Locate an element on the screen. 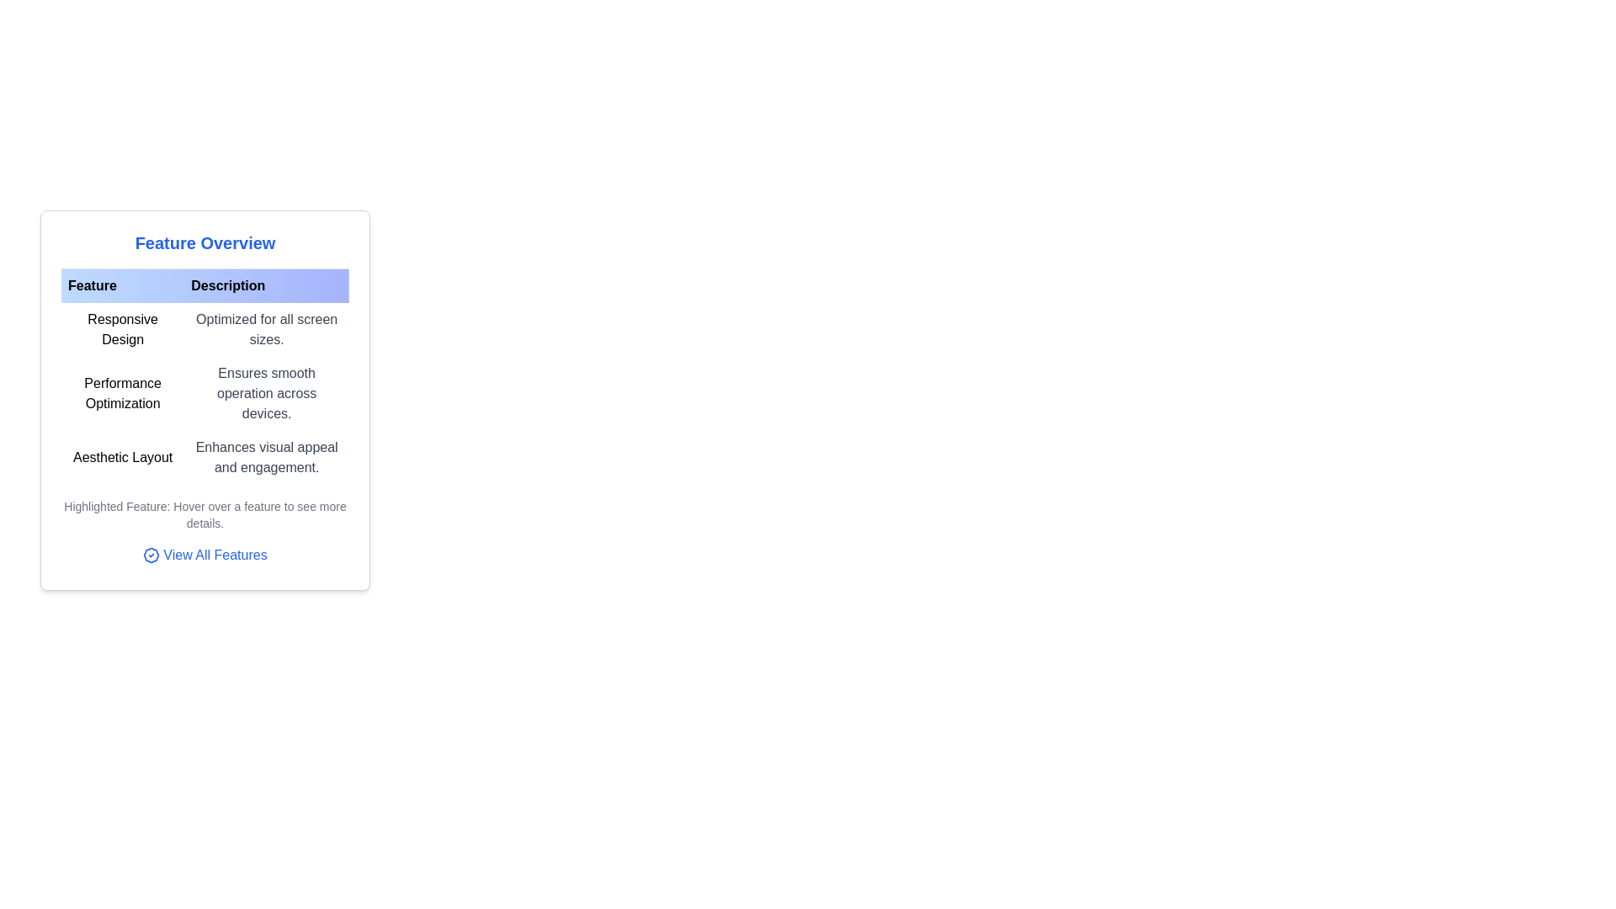  the Text link with icon located at the bottom of the content card is located at coordinates (205, 557).